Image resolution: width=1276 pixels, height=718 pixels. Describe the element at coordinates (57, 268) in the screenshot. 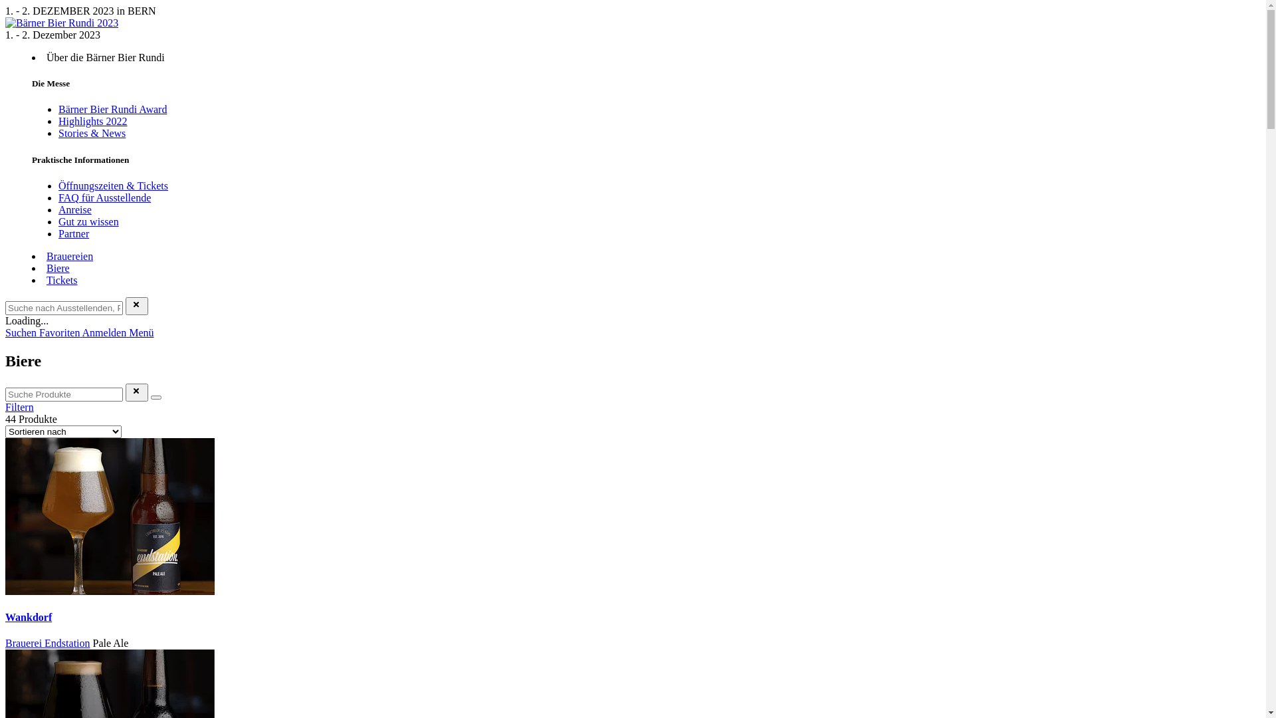

I see `'Biere'` at that location.